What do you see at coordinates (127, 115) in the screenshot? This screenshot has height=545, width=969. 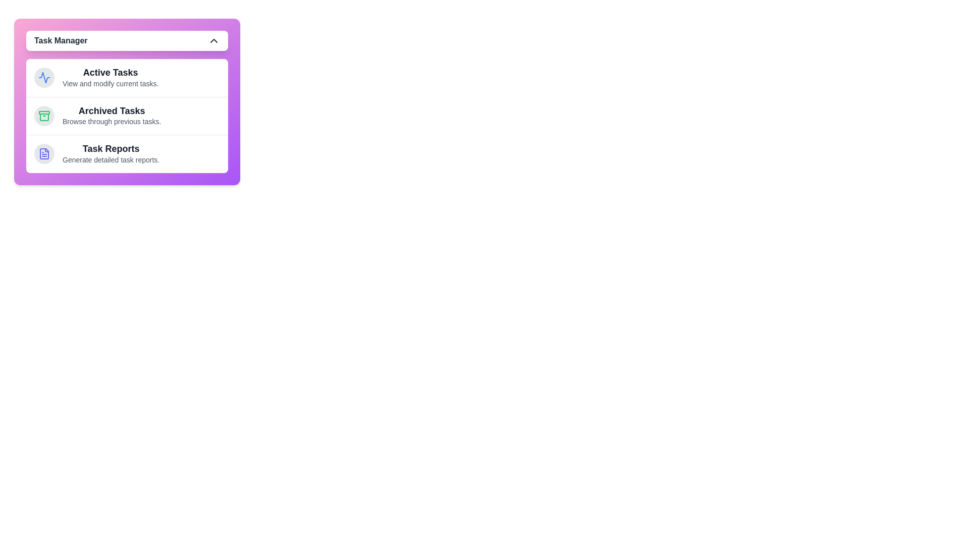 I see `the task section Archived Tasks to highlight it` at bounding box center [127, 115].